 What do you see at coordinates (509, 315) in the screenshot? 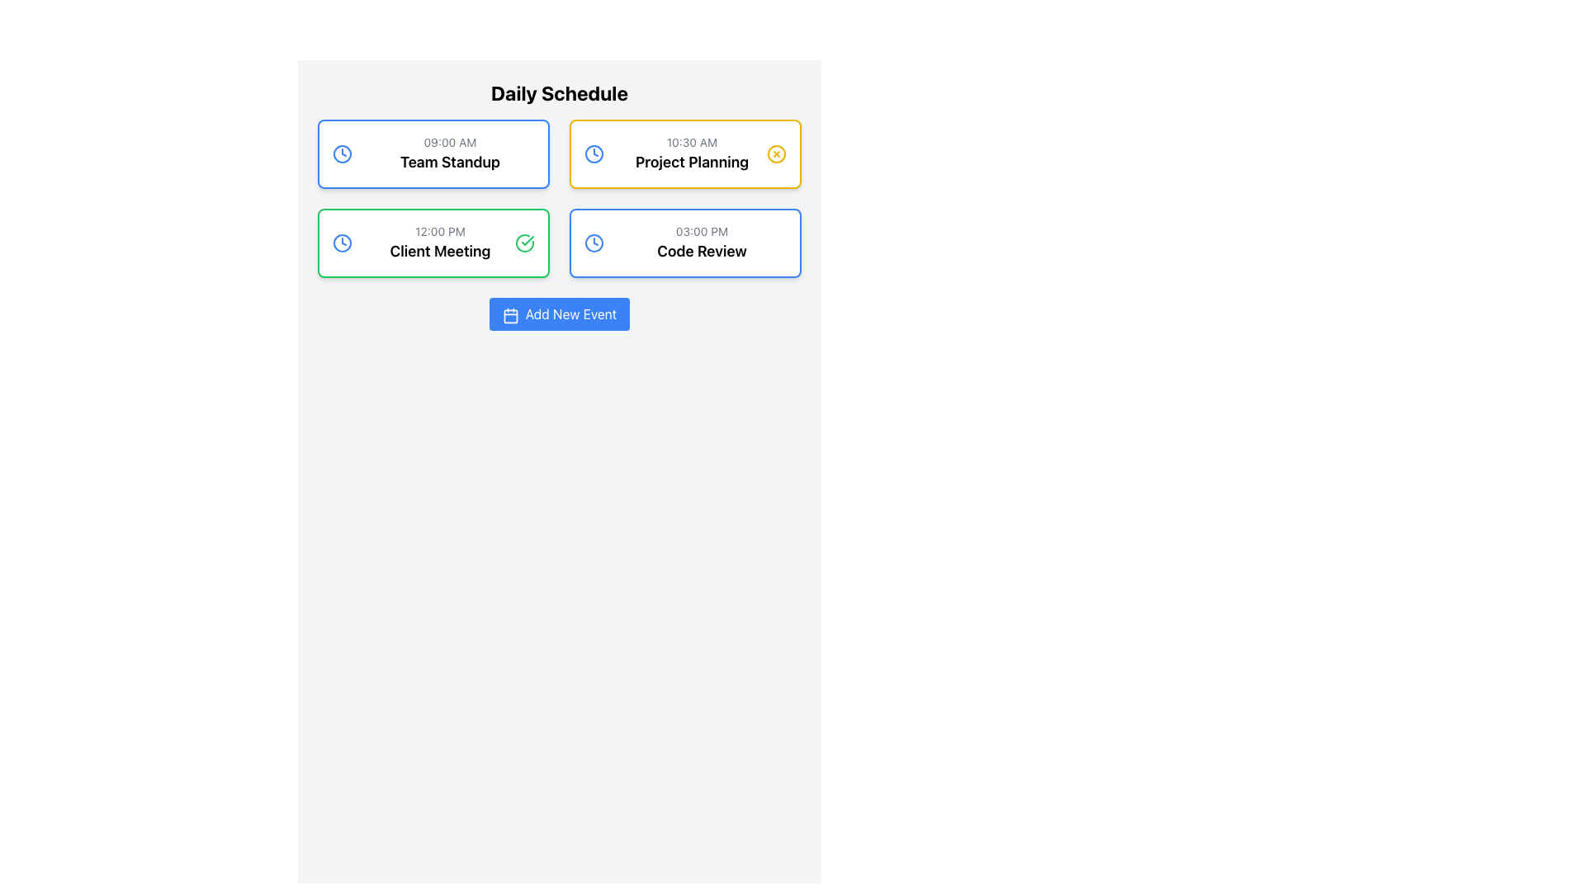
I see `the calendar icon located to the left of the 'Add New Event' button` at bounding box center [509, 315].